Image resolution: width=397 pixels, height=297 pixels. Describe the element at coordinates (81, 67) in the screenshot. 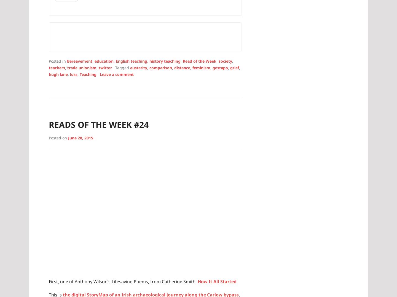

I see `'trade unionism'` at that location.